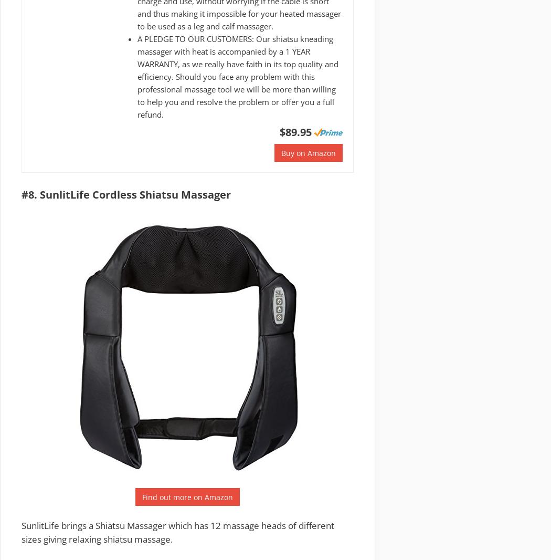  Describe the element at coordinates (281, 153) in the screenshot. I see `'Buy on Amazon'` at that location.